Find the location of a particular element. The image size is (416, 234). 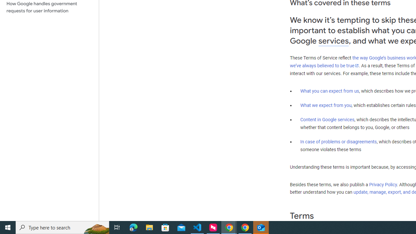

'What you can expect from us' is located at coordinates (330, 91).